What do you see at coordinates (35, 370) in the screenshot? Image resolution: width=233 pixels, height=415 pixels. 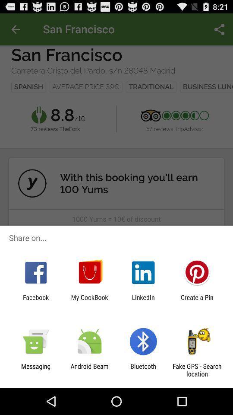 I see `messaging app` at bounding box center [35, 370].